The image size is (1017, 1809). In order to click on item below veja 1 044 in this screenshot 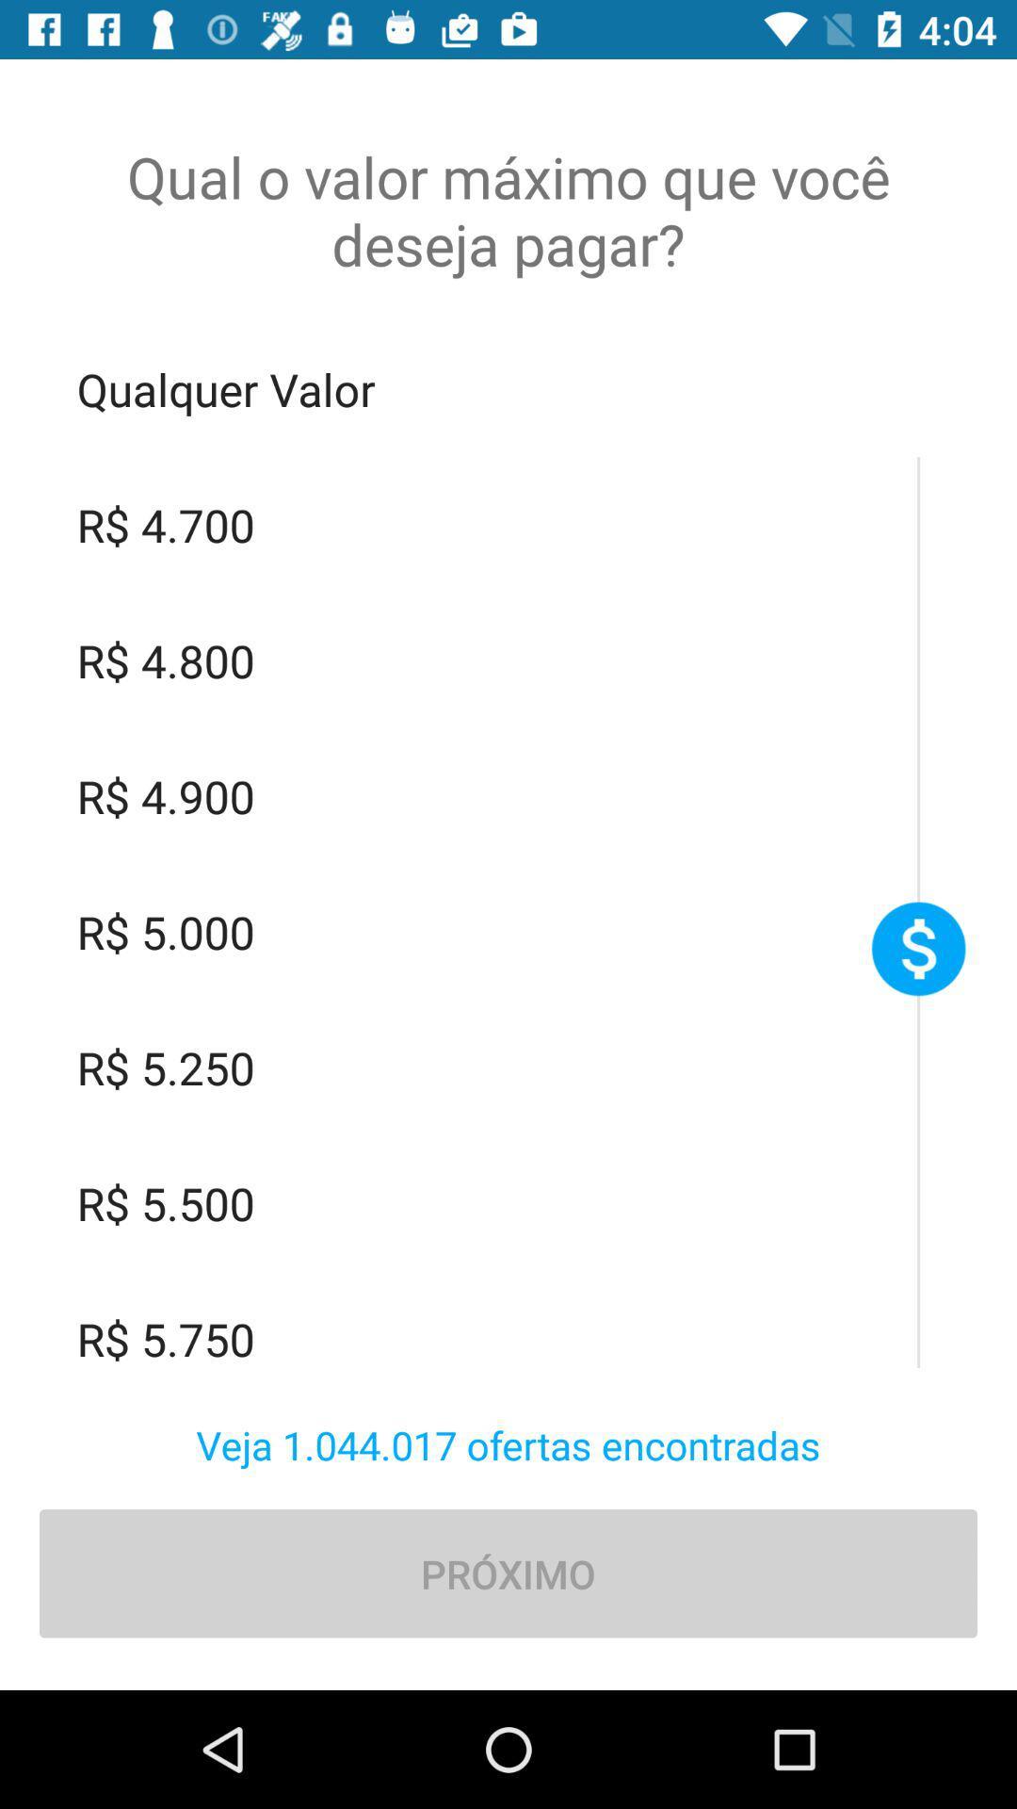, I will do `click(508, 1573)`.